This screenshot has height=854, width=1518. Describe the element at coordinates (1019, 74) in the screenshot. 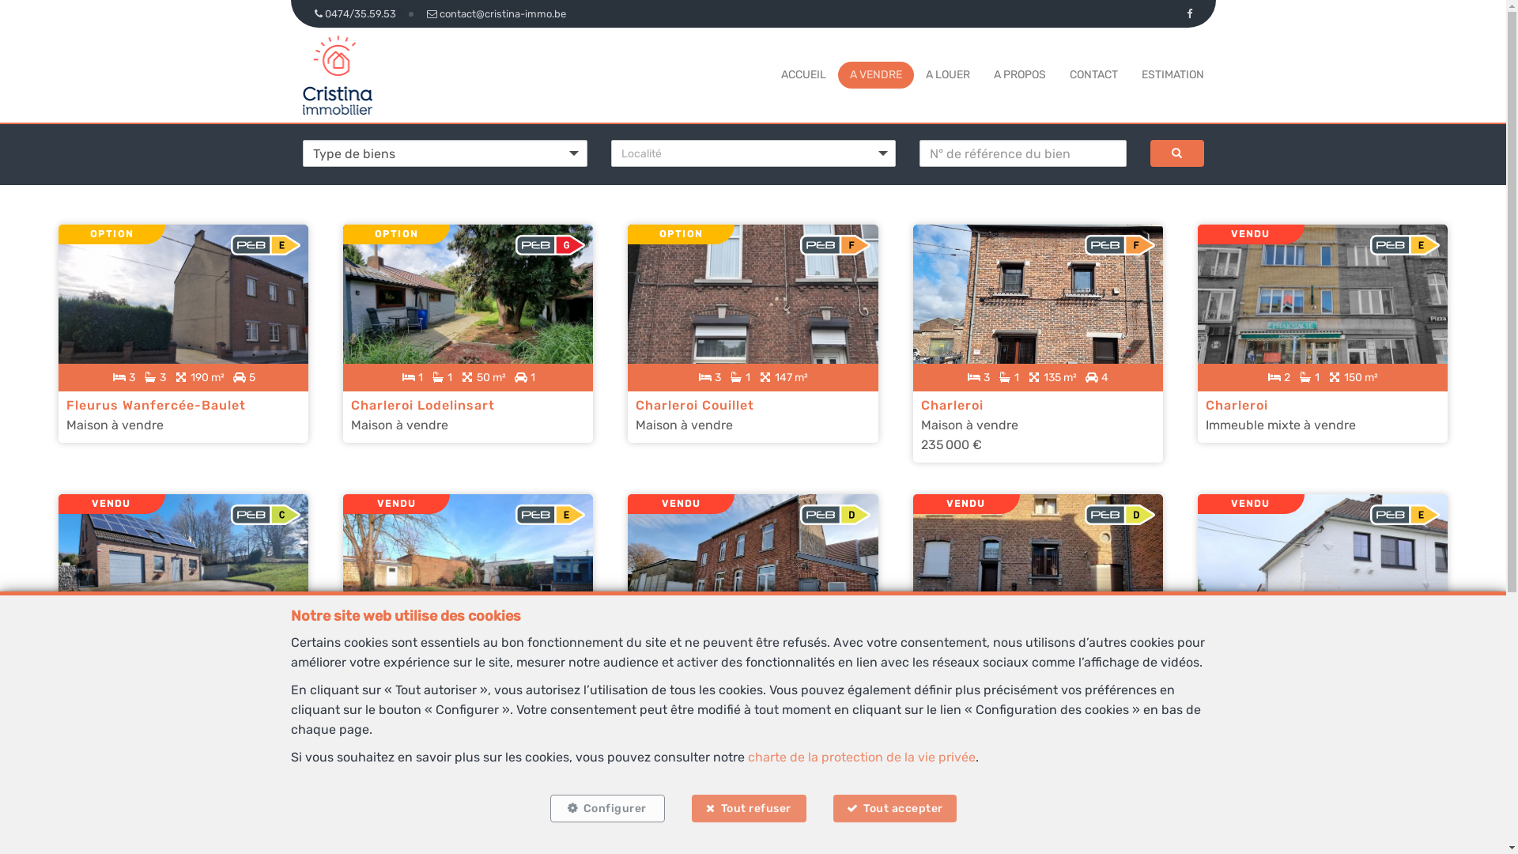

I see `'A PROPOS'` at that location.